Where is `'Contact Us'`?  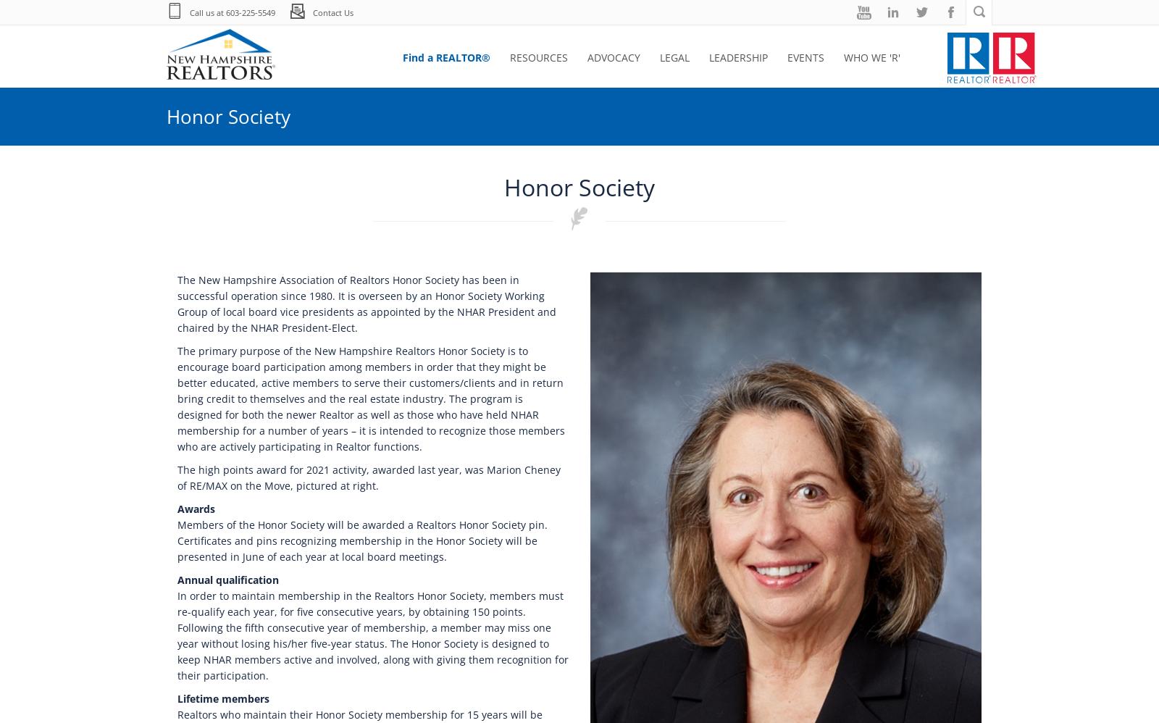
'Contact Us' is located at coordinates (332, 12).